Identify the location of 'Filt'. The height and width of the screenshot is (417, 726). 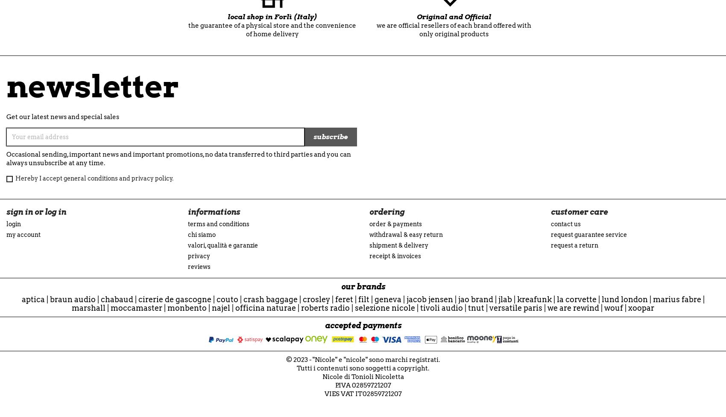
(363, 299).